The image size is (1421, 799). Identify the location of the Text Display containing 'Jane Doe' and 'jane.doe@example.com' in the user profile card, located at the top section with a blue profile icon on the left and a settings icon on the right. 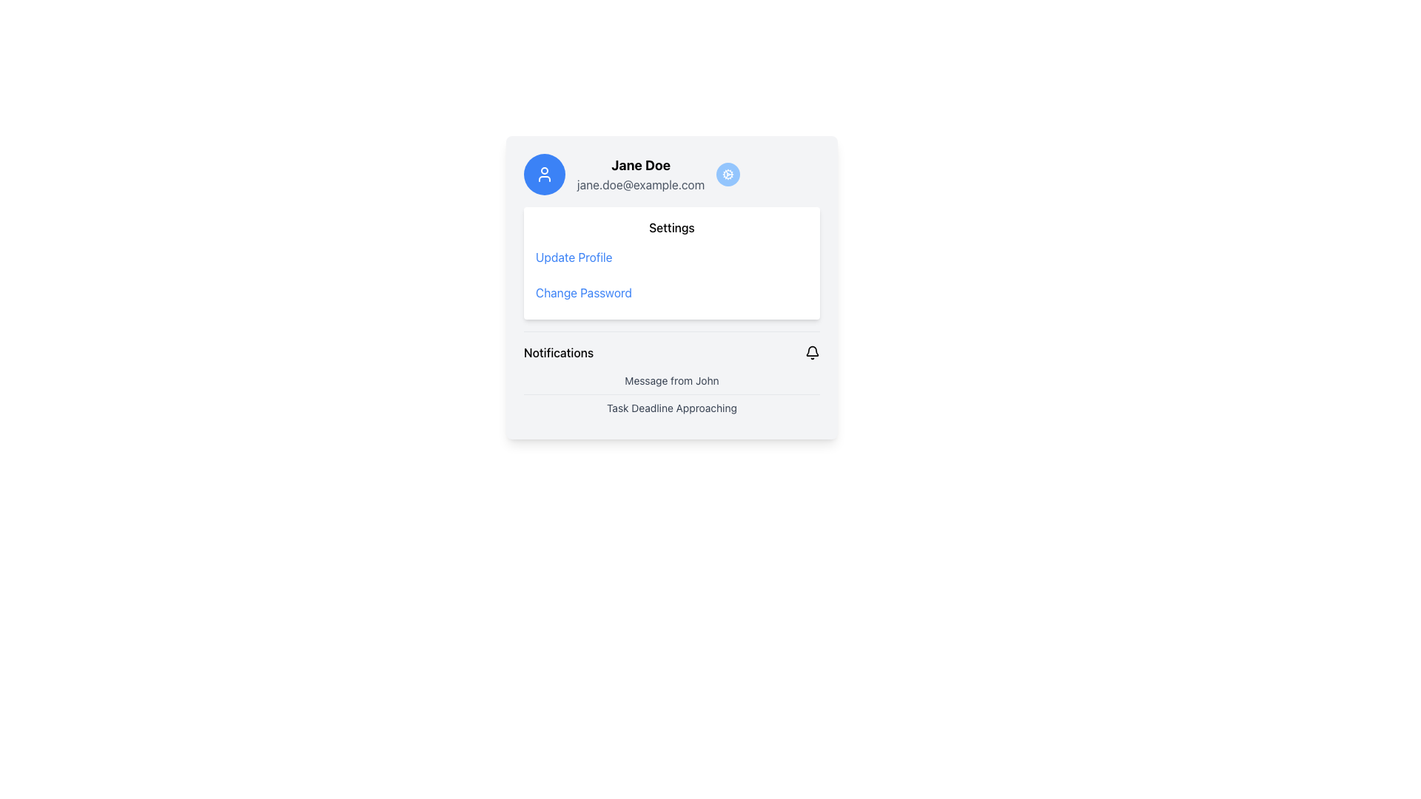
(641, 173).